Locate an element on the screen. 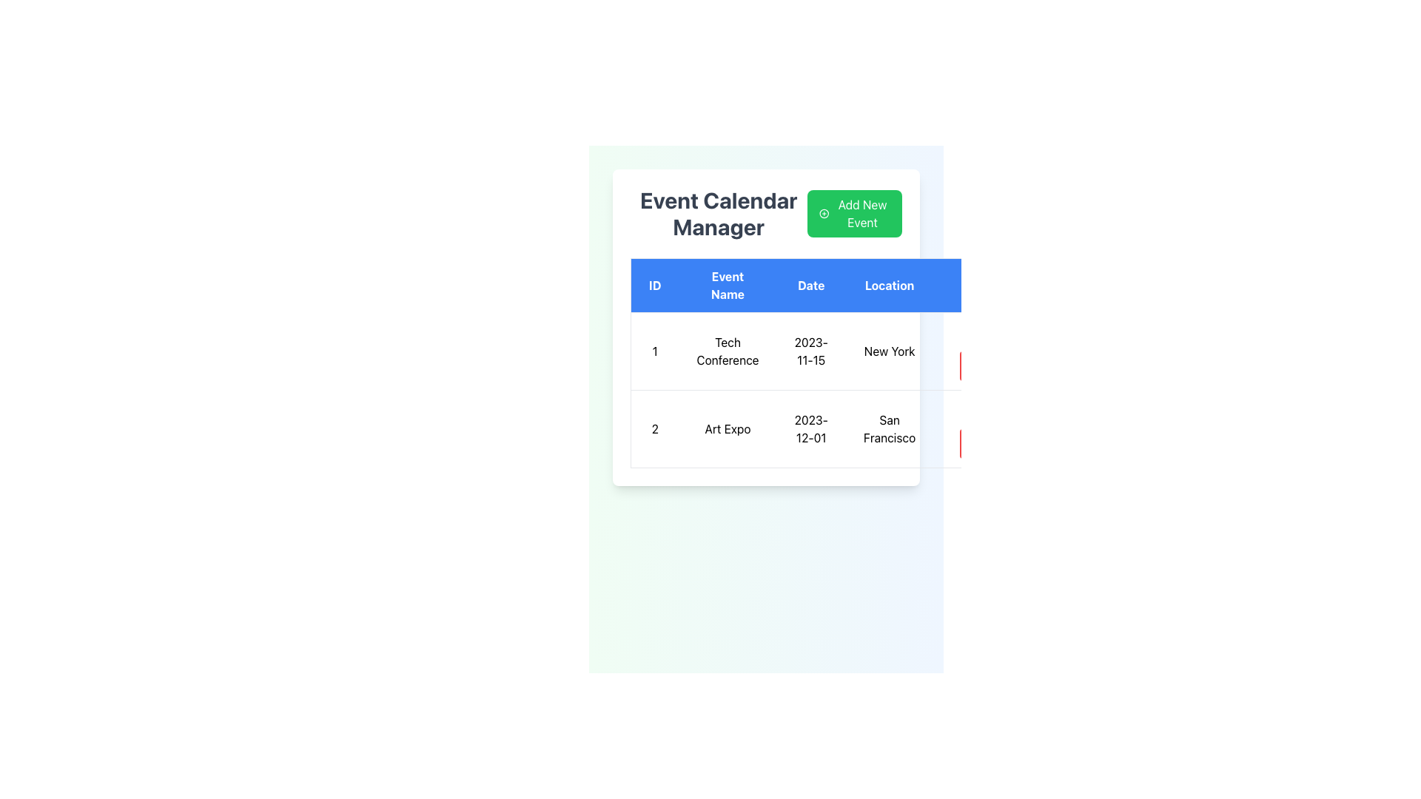 Image resolution: width=1421 pixels, height=799 pixels. the text element located in the second row of the table under the 'ID' column, which serves as an identifier for the event's position in the list is located at coordinates (654, 428).